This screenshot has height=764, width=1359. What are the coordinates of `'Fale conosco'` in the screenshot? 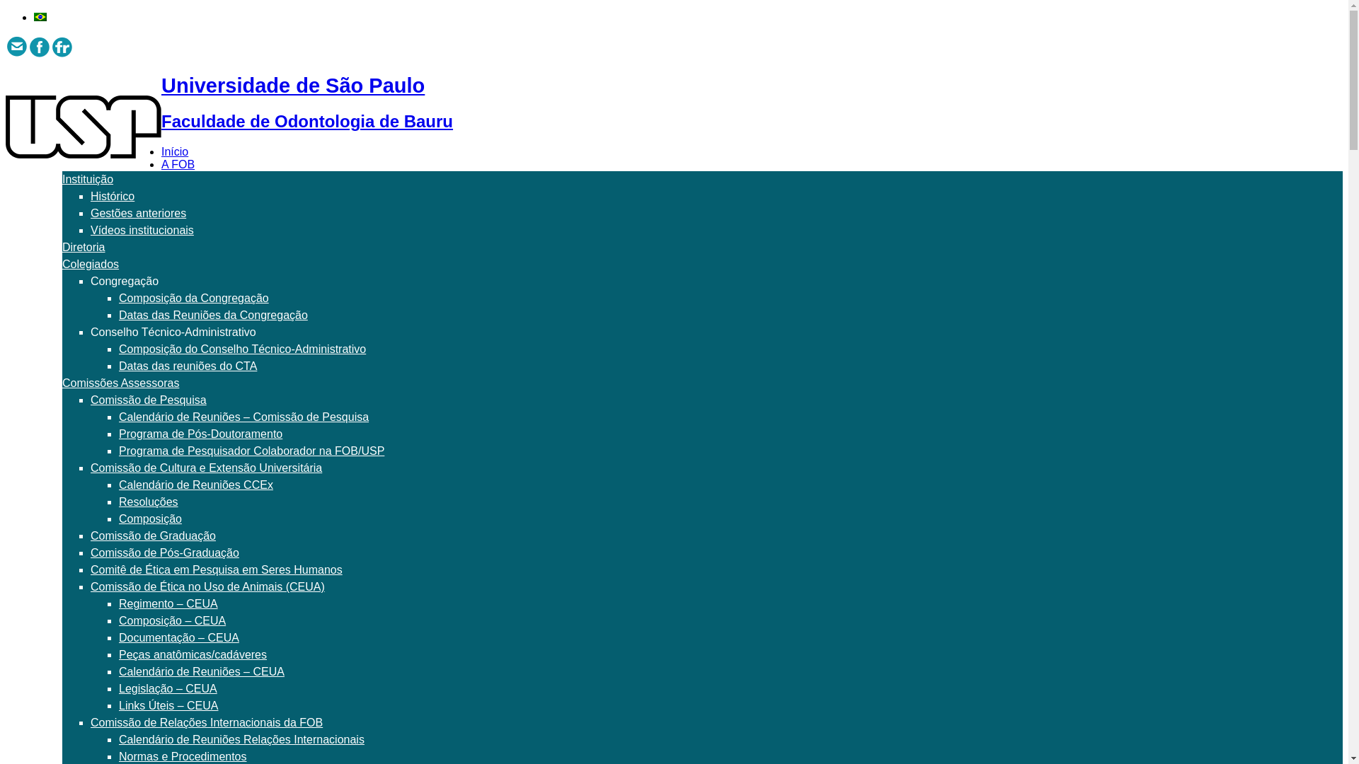 It's located at (17, 45).